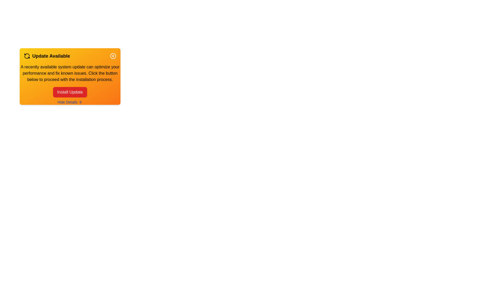 The height and width of the screenshot is (283, 504). Describe the element at coordinates (70, 92) in the screenshot. I see `'Install Update' button to initiate the update installation` at that location.